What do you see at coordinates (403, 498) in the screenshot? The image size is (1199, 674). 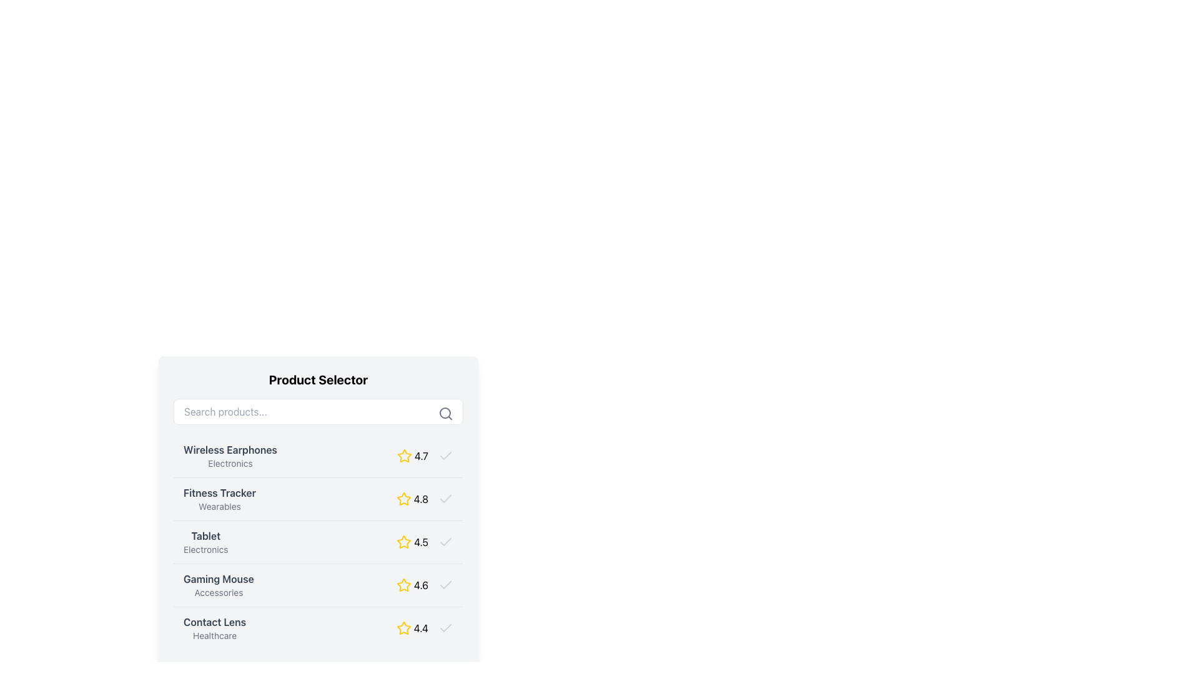 I see `the visual representation of the rating icon located in the second row of the product listing, to the left of the numerical rating value '4.8'` at bounding box center [403, 498].